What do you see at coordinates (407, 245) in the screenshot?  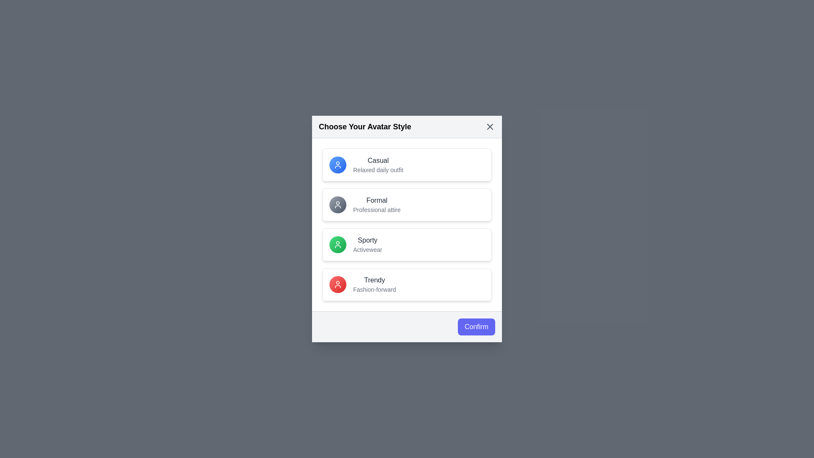 I see `the avatar with style Sporty` at bounding box center [407, 245].